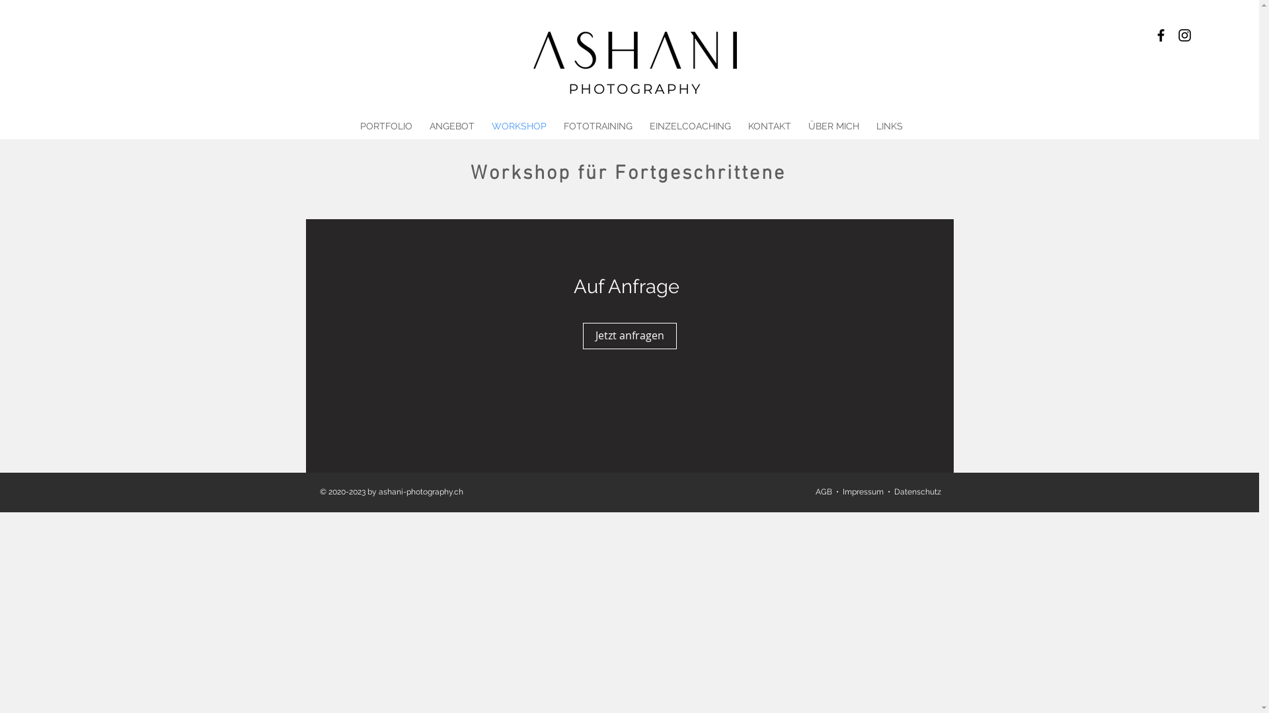  I want to click on 'ANGEBOT', so click(451, 126).